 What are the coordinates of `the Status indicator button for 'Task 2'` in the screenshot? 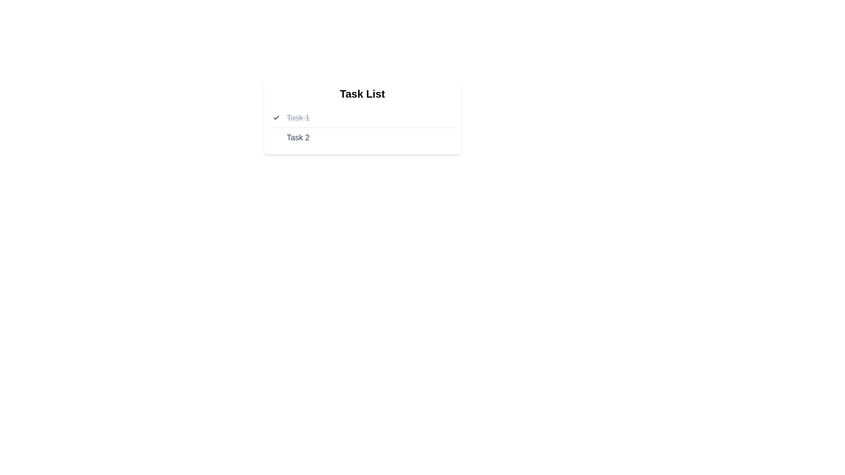 It's located at (276, 137).